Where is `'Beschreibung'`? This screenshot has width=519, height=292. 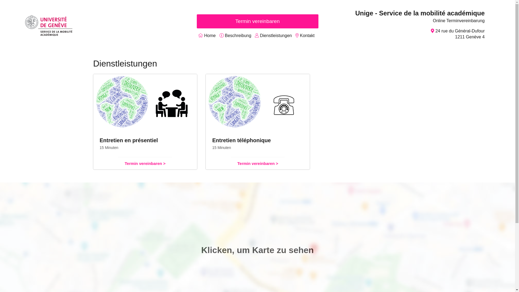
'Beschreibung' is located at coordinates (225, 35).